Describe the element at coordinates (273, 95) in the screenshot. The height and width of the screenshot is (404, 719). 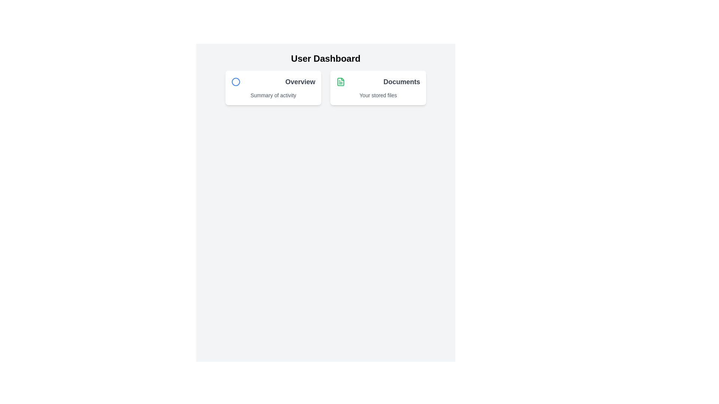
I see `the text label displaying 'Summary of activity', which is styled in gray and located under the 'Overview' heading within its card-like section` at that location.